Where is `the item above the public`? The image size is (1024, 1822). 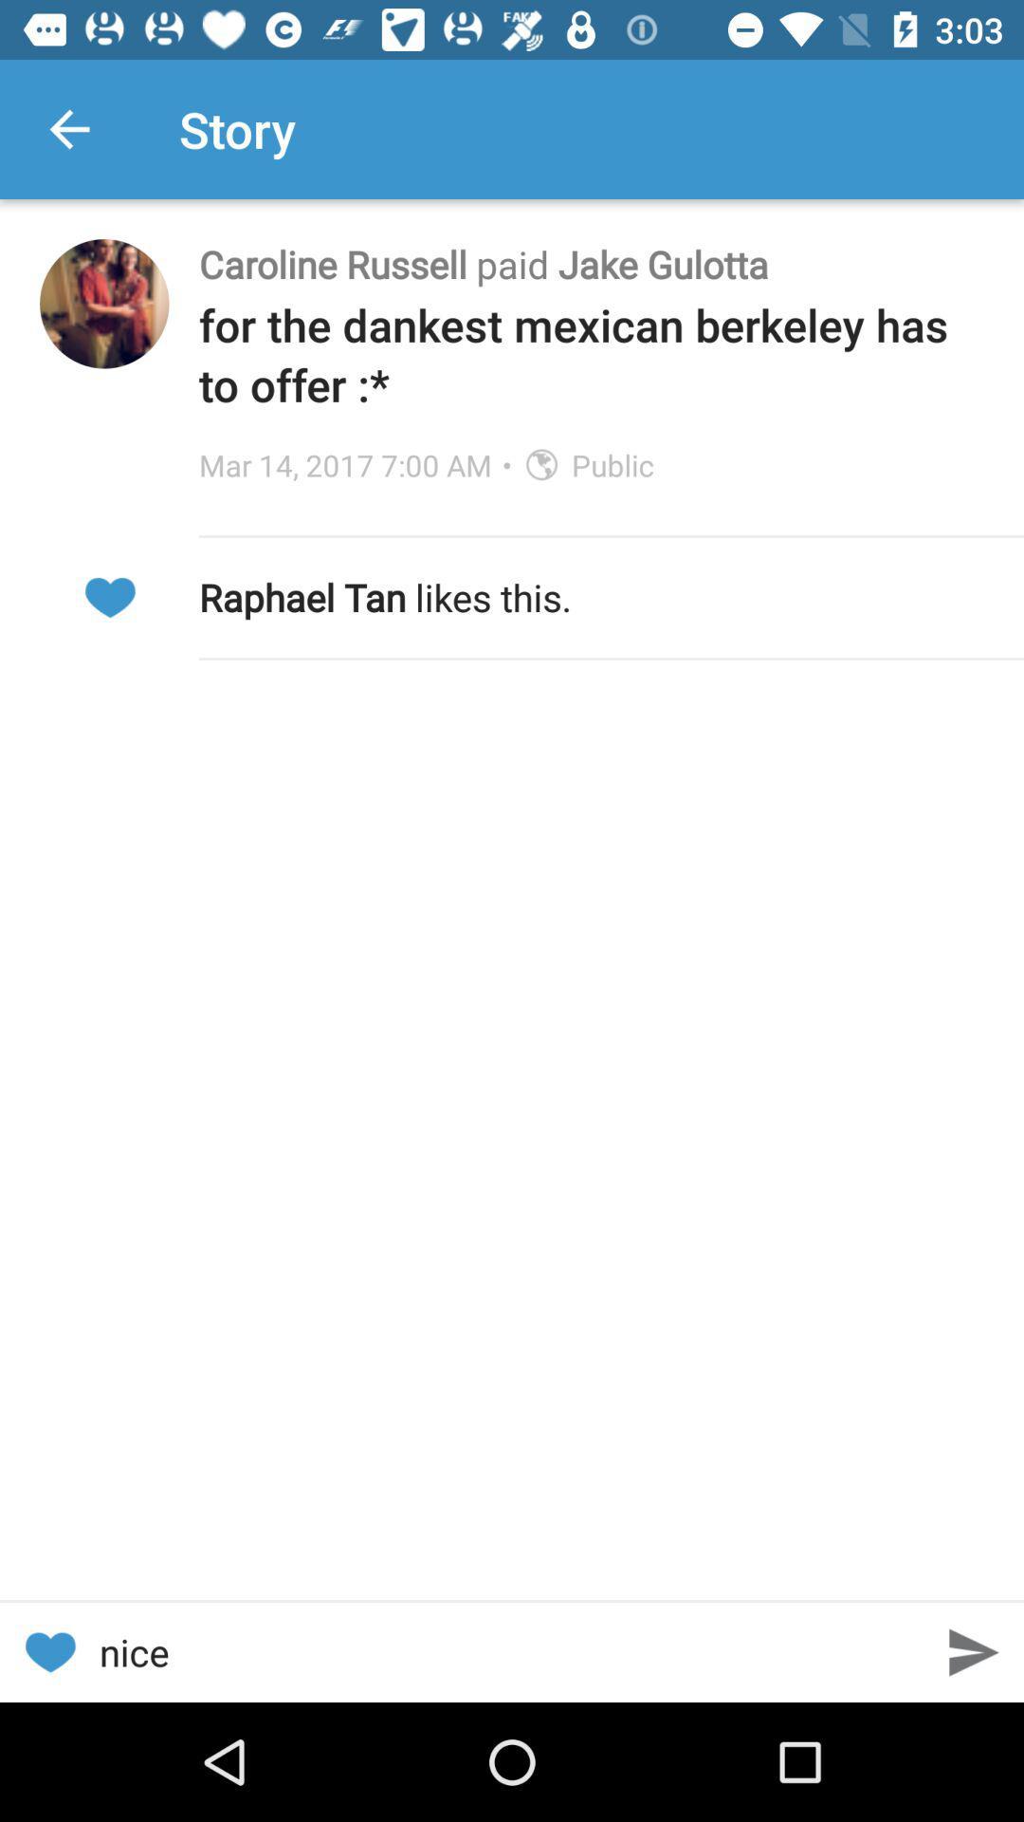 the item above the public is located at coordinates (591, 354).